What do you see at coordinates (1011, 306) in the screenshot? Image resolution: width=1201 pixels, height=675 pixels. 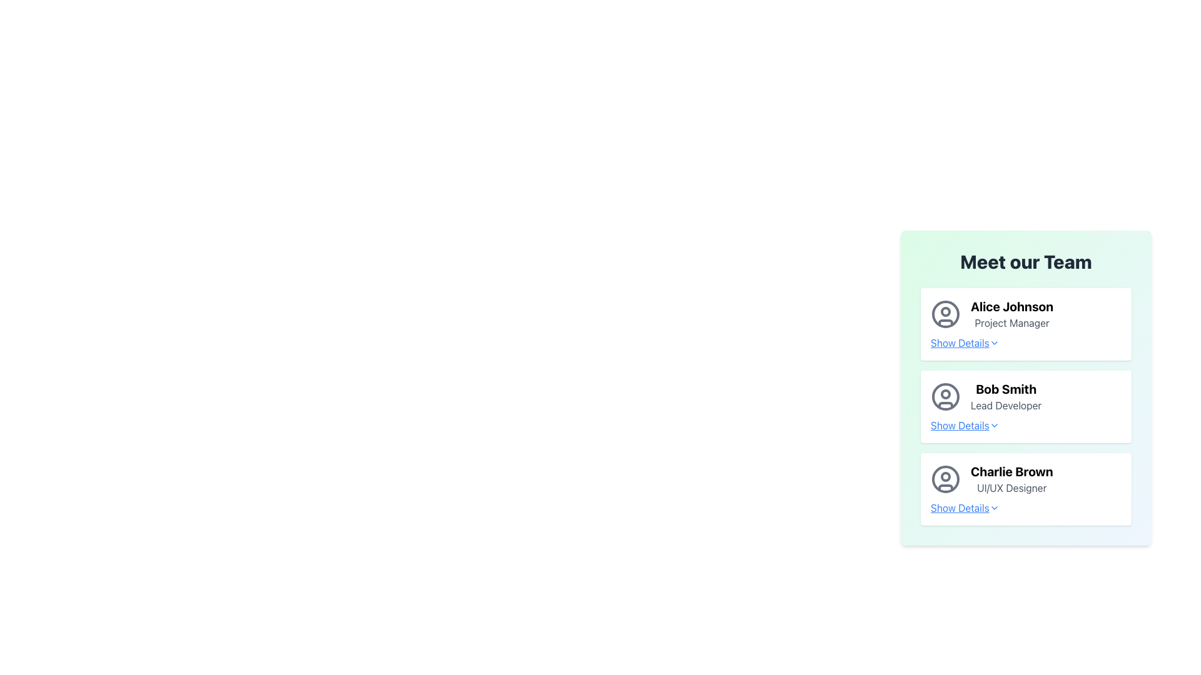 I see `the text component displaying 'Alice Johnson' which is styled in bold and located at the top of the team member information card in the 'Meet our Team' section` at bounding box center [1011, 306].